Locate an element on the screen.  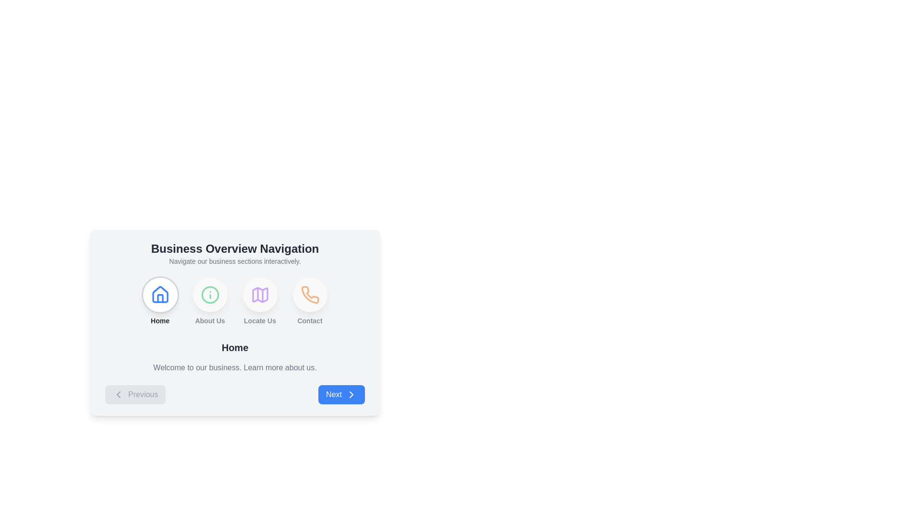
the 'Locate Us' button, which features a circular violet map symbol above the text in a medium font, part of a horizontal navigation section is located at coordinates (260, 301).